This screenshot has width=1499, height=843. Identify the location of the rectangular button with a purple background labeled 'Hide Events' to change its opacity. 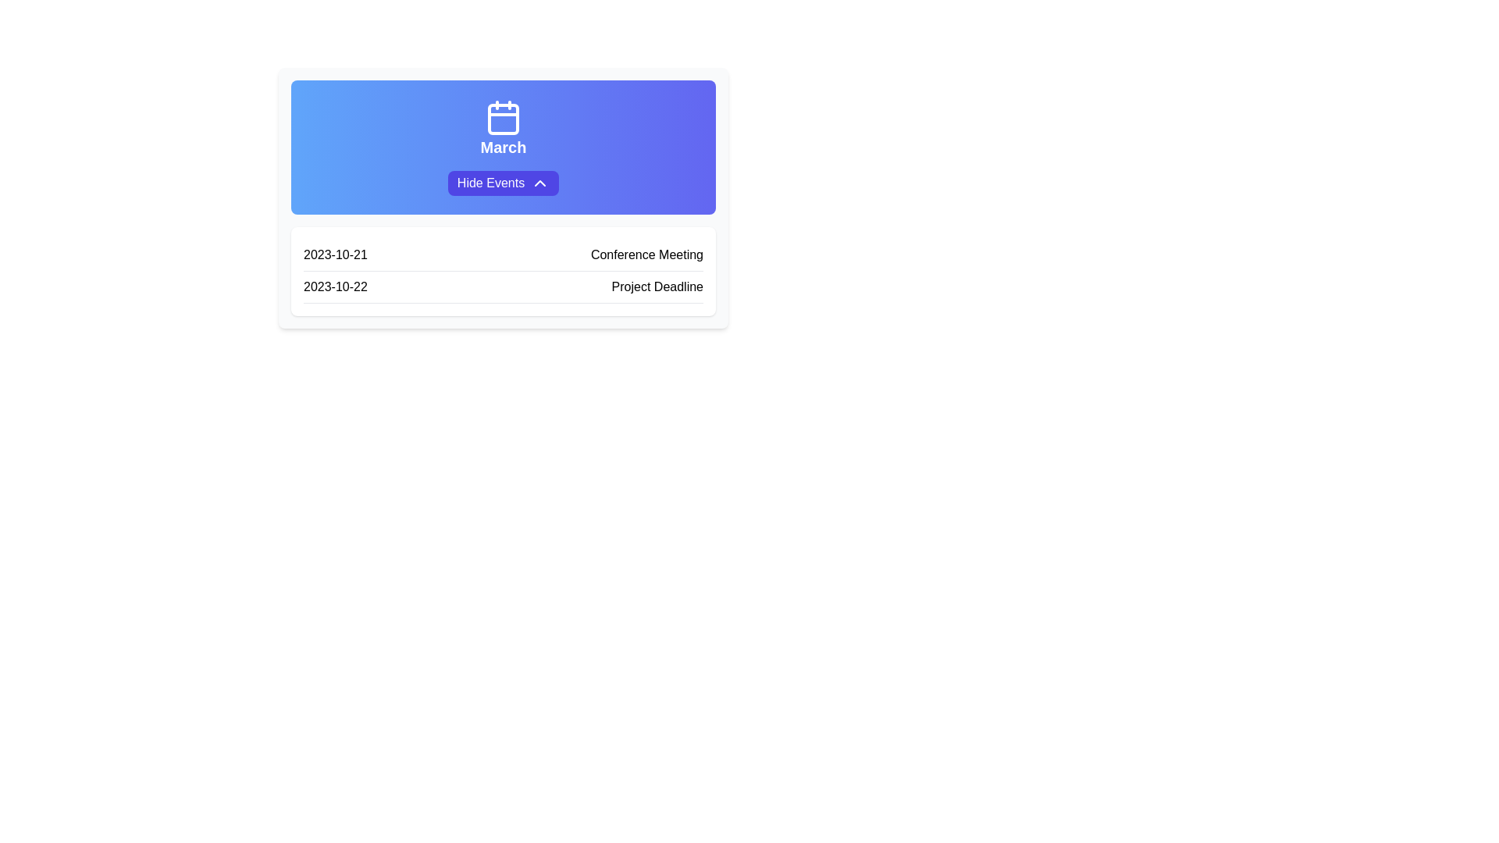
(503, 183).